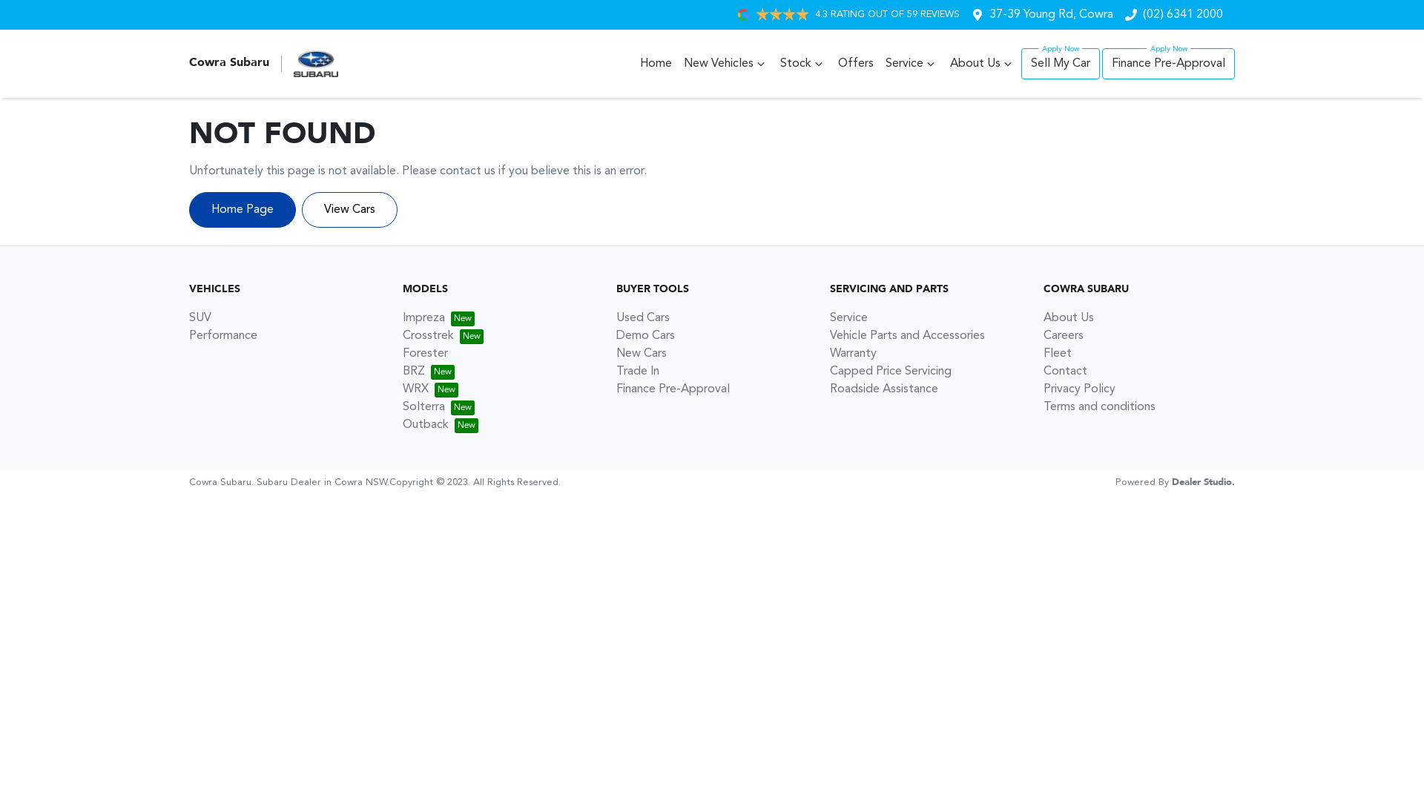 This screenshot has width=1424, height=801. What do you see at coordinates (1042, 388) in the screenshot?
I see `'Privacy Policy'` at bounding box center [1042, 388].